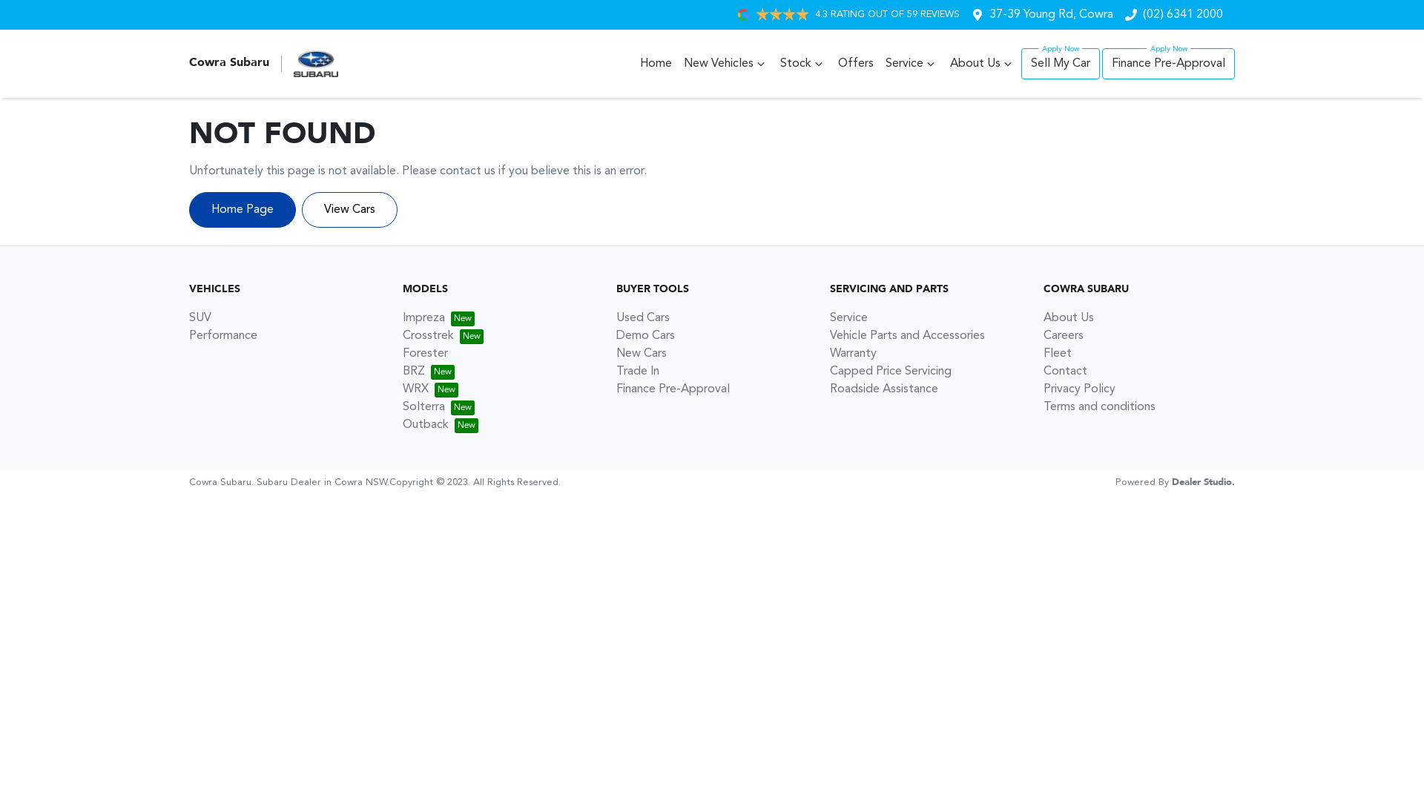 This screenshot has width=1424, height=801. What do you see at coordinates (1042, 388) in the screenshot?
I see `'Privacy Policy'` at bounding box center [1042, 388].